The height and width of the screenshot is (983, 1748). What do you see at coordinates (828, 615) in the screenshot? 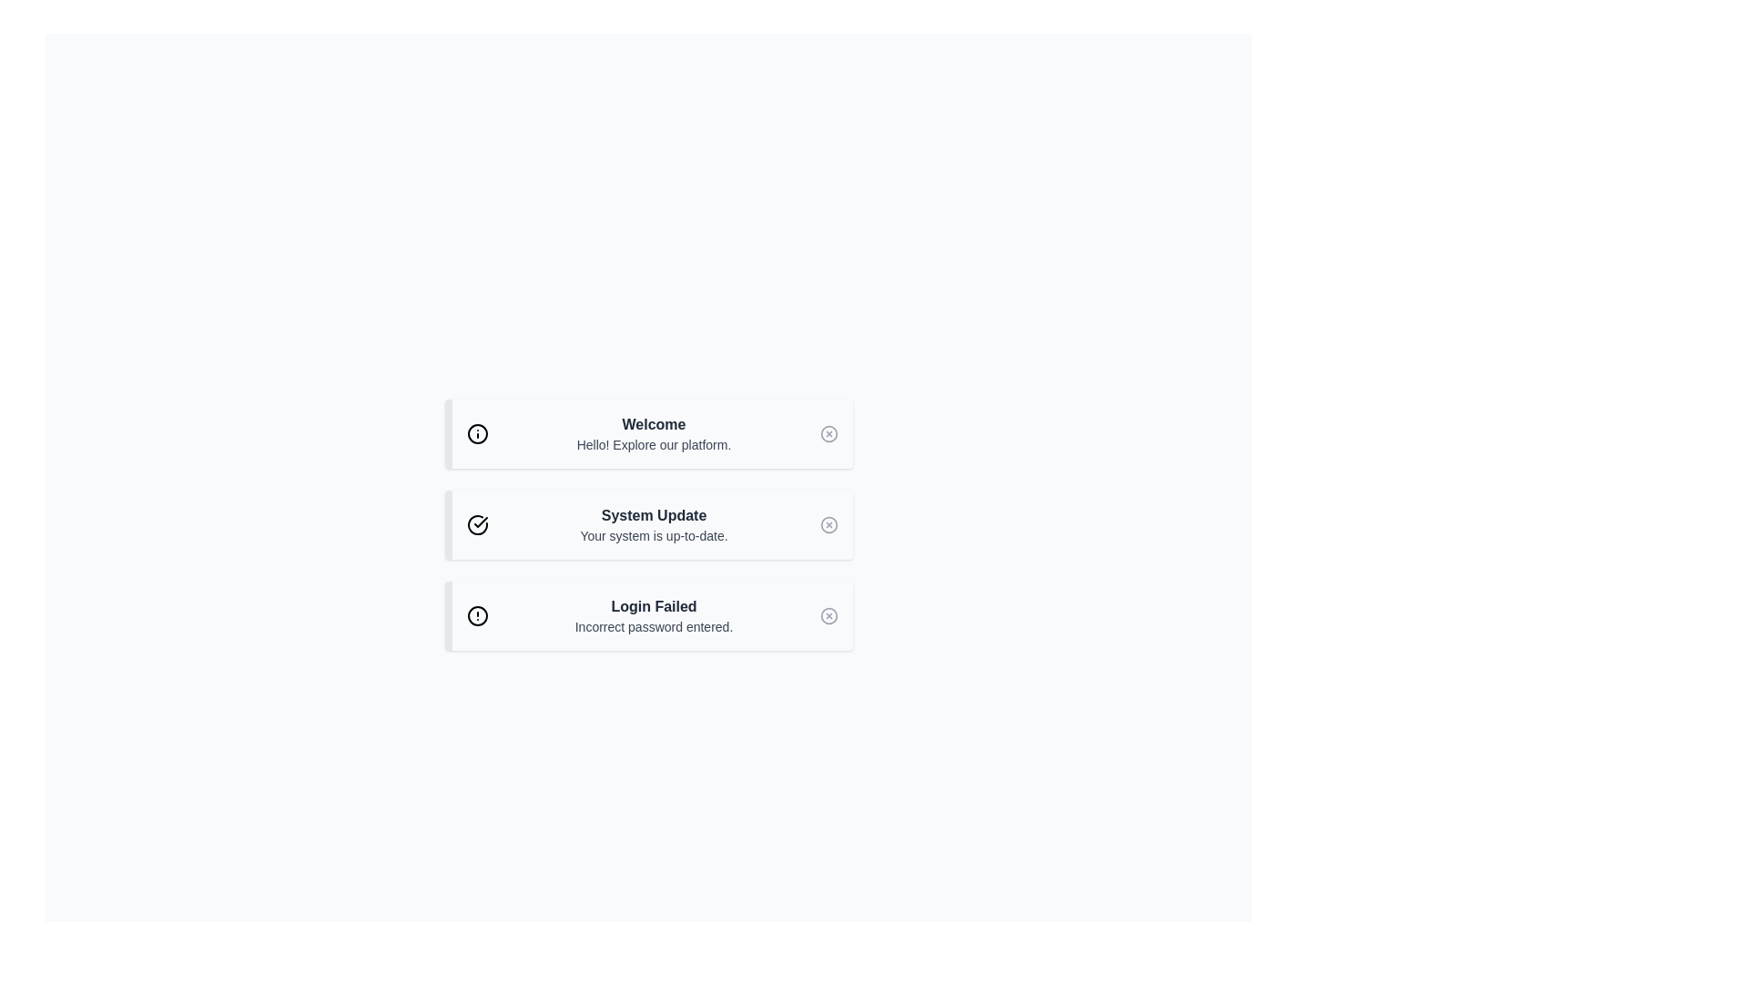
I see `the graphical icon element (circle) indicating 'Login Failed' status, located within the notification card near its right edge` at bounding box center [828, 615].